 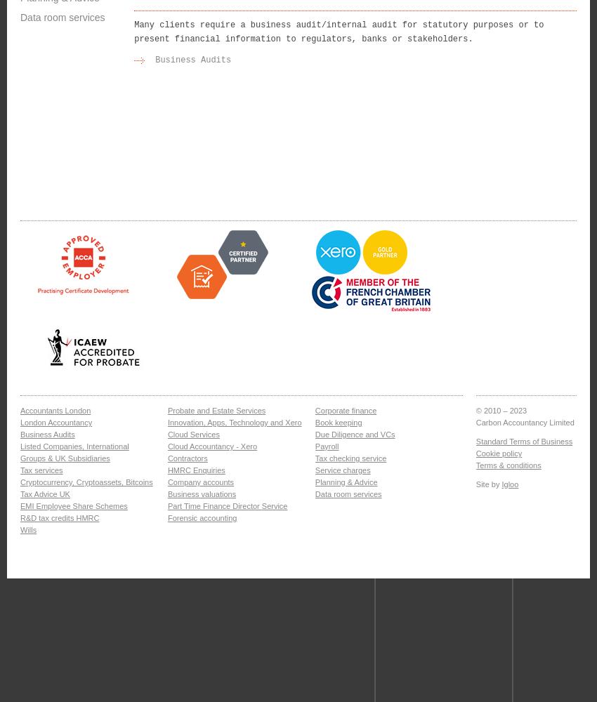 I want to click on 'Standard Terms of Business', so click(x=523, y=442).